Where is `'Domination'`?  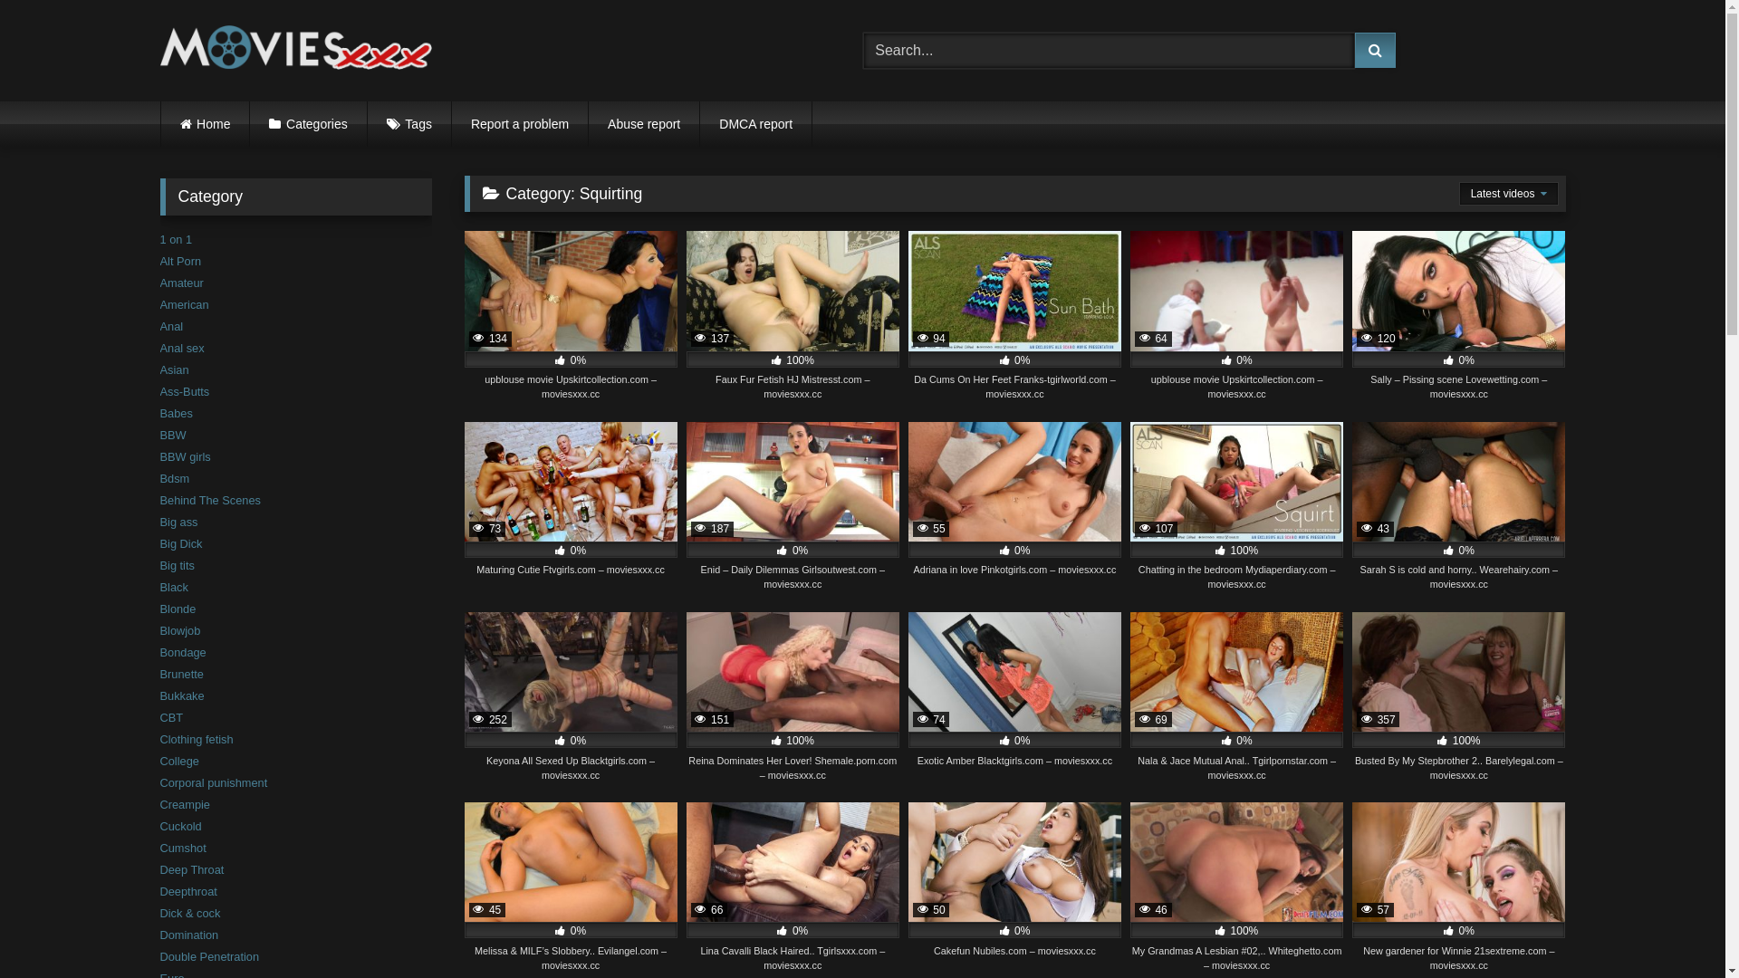
'Domination' is located at coordinates (159, 935).